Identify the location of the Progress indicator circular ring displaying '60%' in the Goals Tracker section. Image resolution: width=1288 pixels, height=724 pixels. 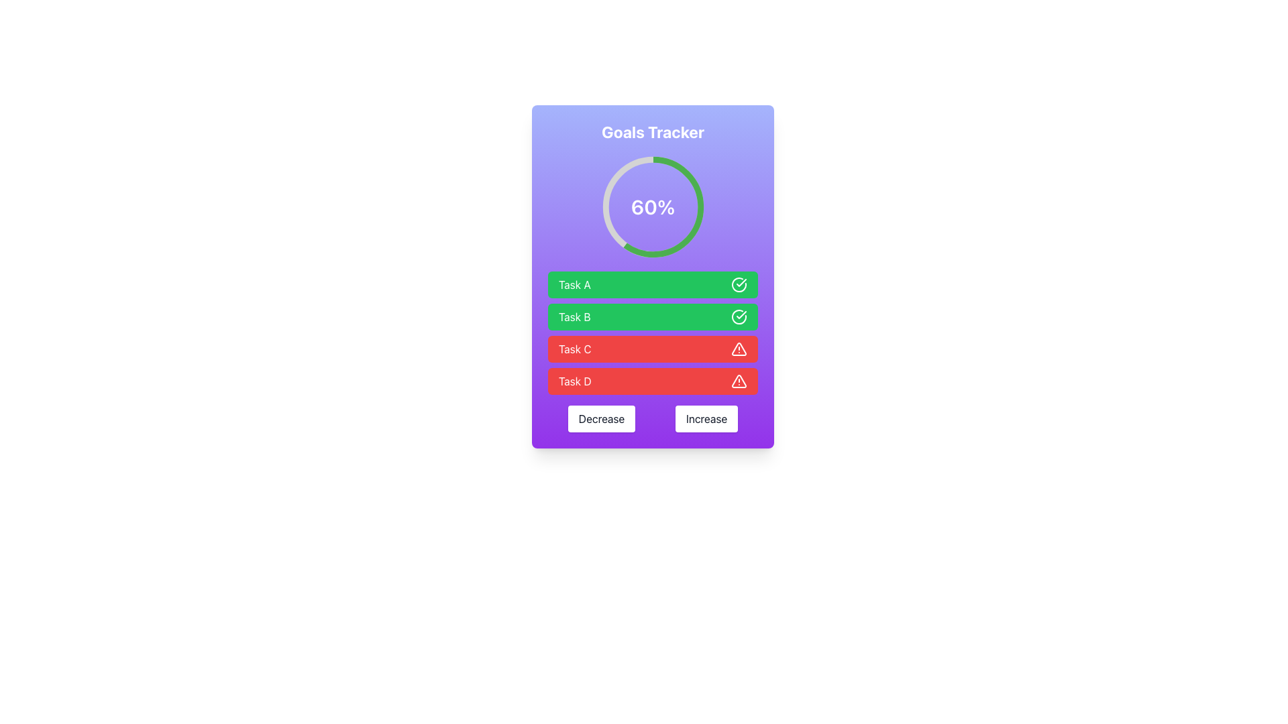
(653, 206).